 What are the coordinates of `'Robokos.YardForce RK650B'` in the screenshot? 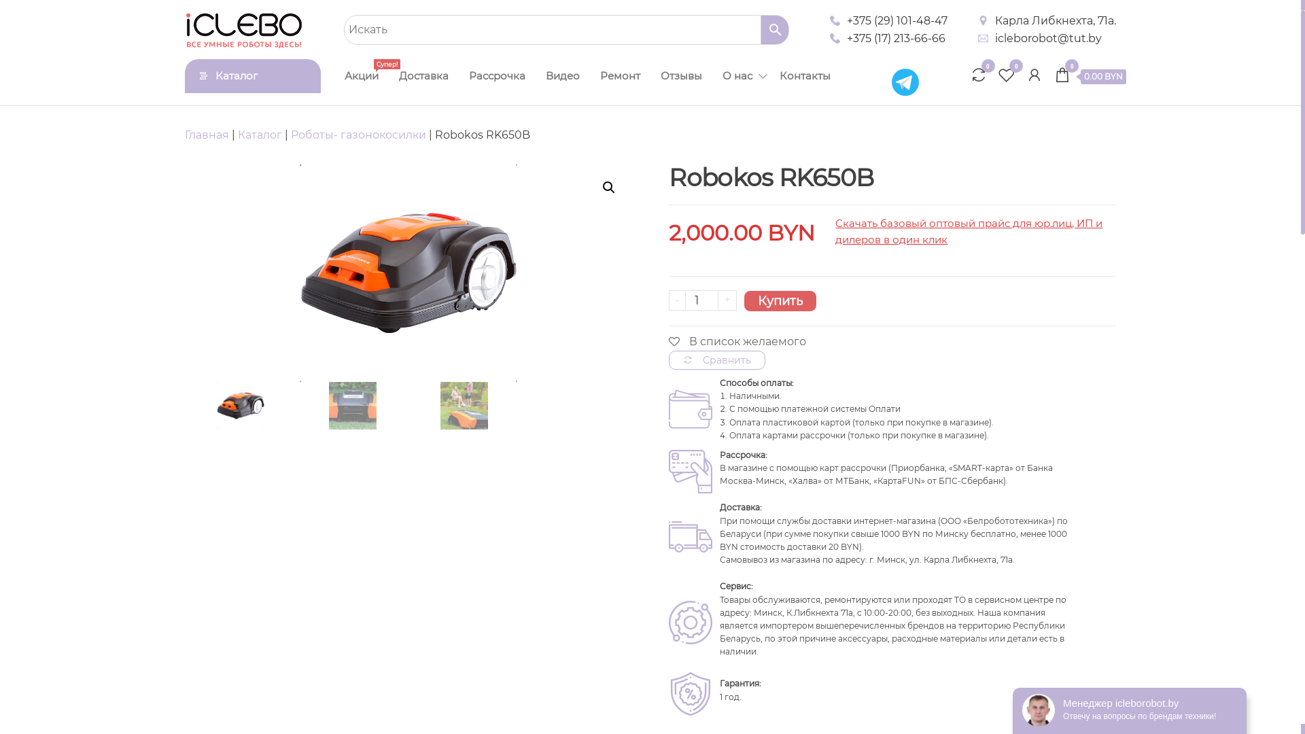 It's located at (407, 273).